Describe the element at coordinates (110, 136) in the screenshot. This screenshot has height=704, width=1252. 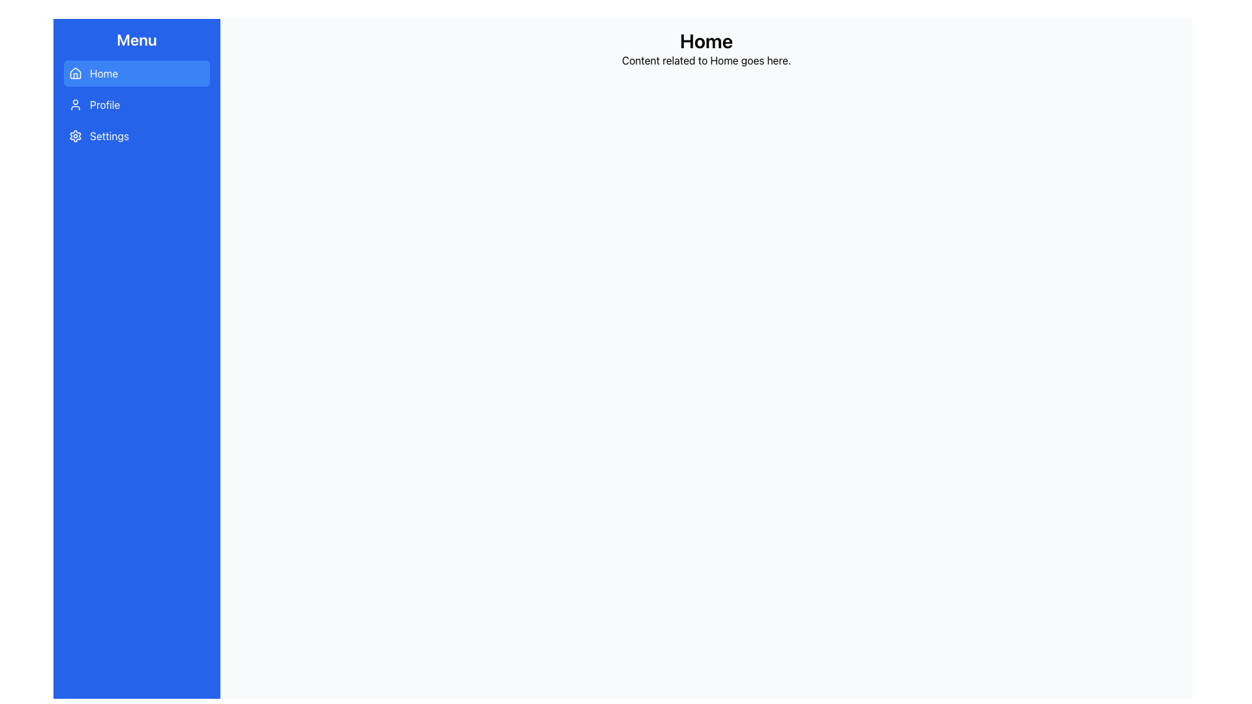
I see `the 'Settings' static text label, which is the third option in the vertical navigation menu styled in white text on a blue background` at that location.